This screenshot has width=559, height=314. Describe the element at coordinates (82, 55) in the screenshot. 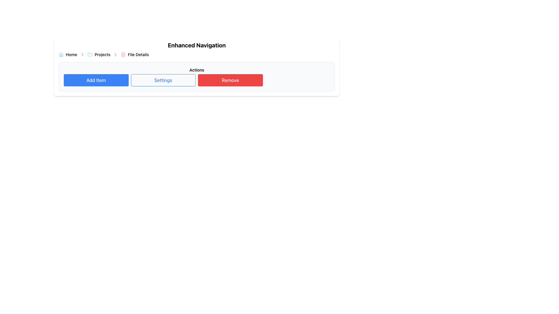

I see `the rightward-facing chevron icon located in the breadcrumb navigation bar between 'Projects' and 'File Details'` at that location.